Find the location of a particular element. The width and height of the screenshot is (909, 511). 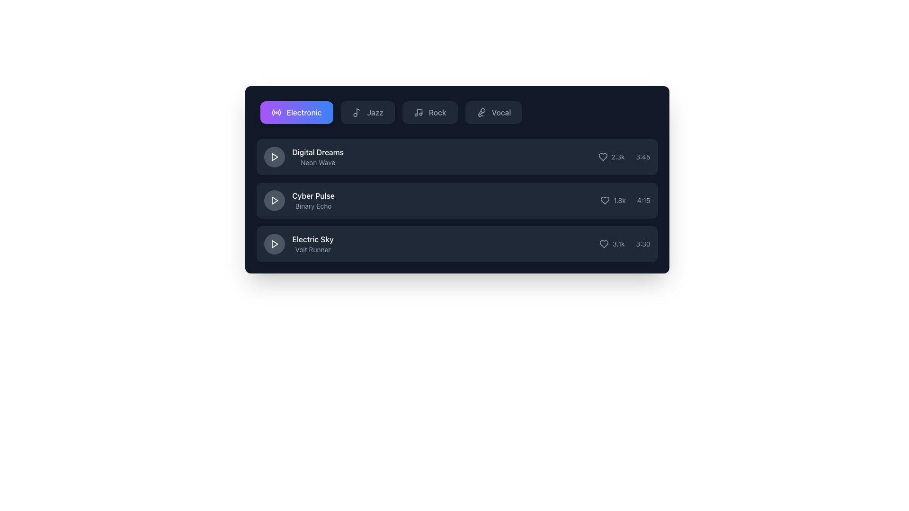

the text label 'Digital Dreams', which is styled in white and serves as the title for a music entry in a dark background, positioned at the top of a grouped music list item is located at coordinates (318, 151).